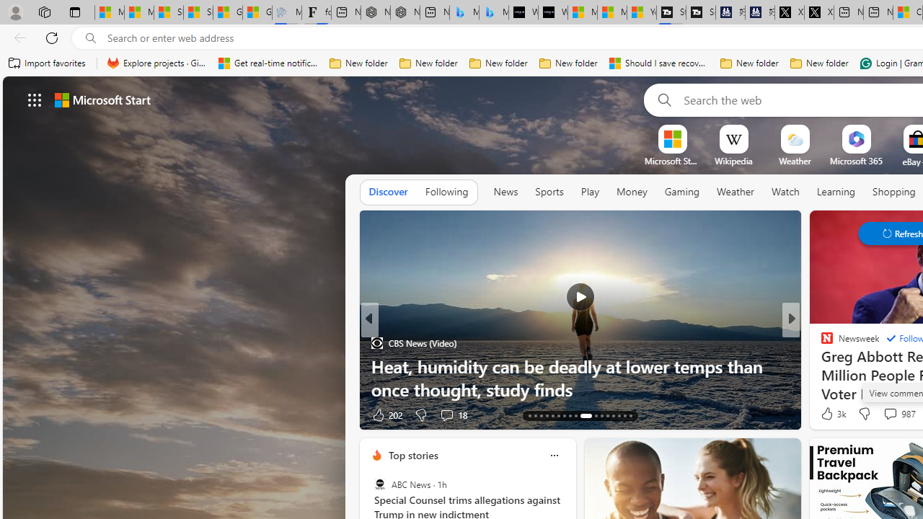 Image resolution: width=923 pixels, height=519 pixels. Describe the element at coordinates (785, 191) in the screenshot. I see `'Watch'` at that location.